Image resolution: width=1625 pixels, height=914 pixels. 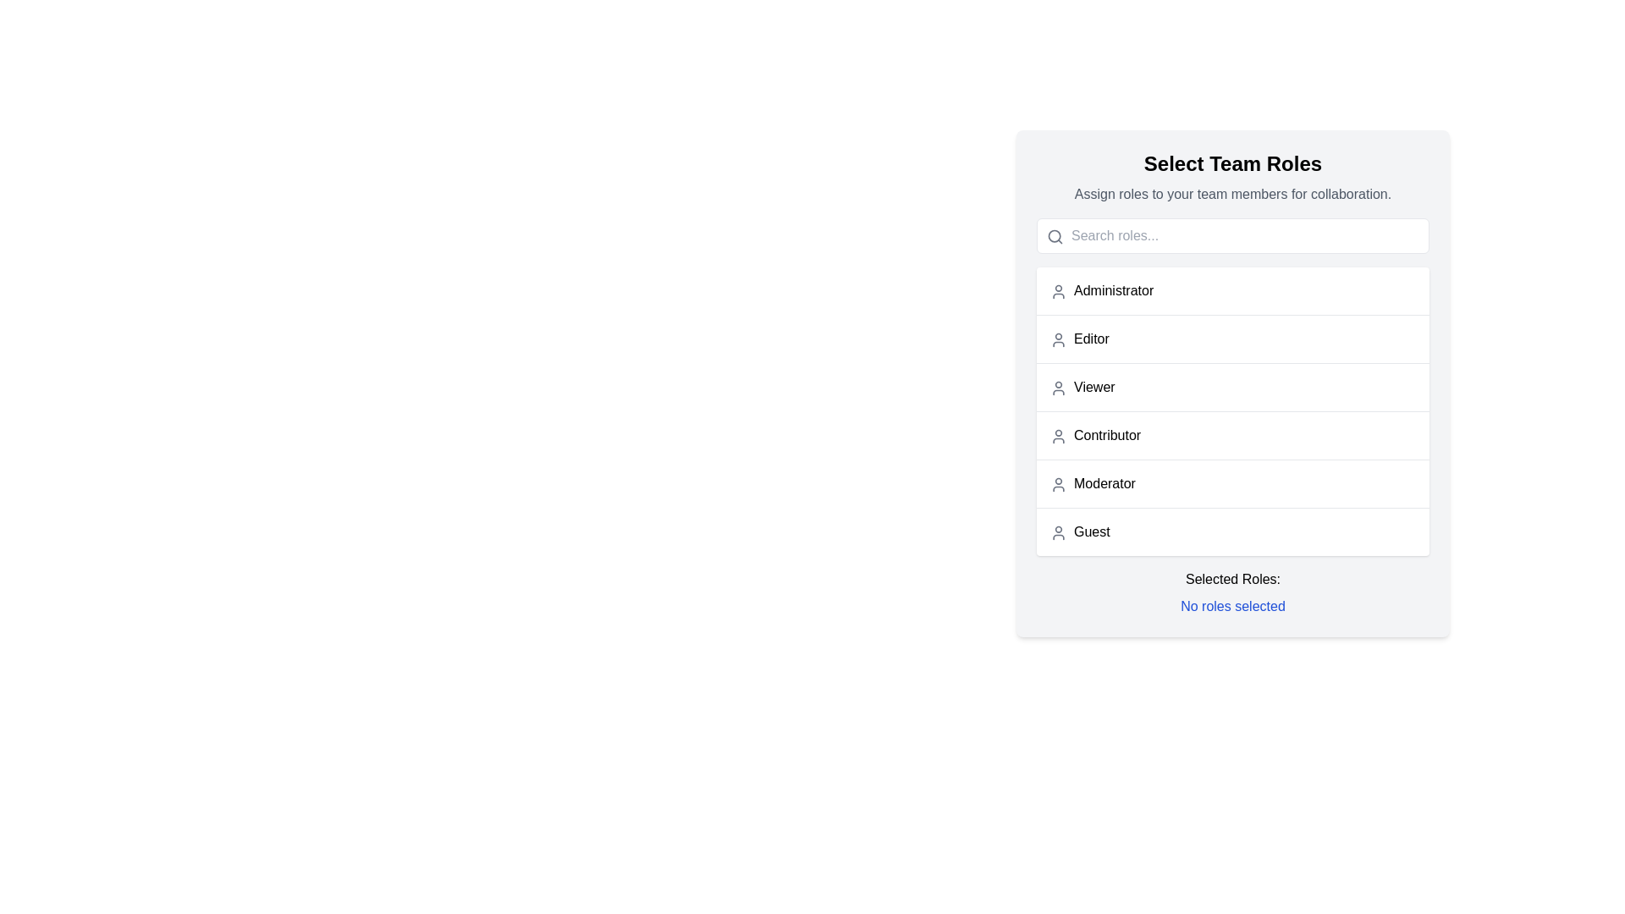 What do you see at coordinates (1058, 388) in the screenshot?
I see `the user icon depicted as a circular head and semi-rounded rectangular body in gray color, located` at bounding box center [1058, 388].